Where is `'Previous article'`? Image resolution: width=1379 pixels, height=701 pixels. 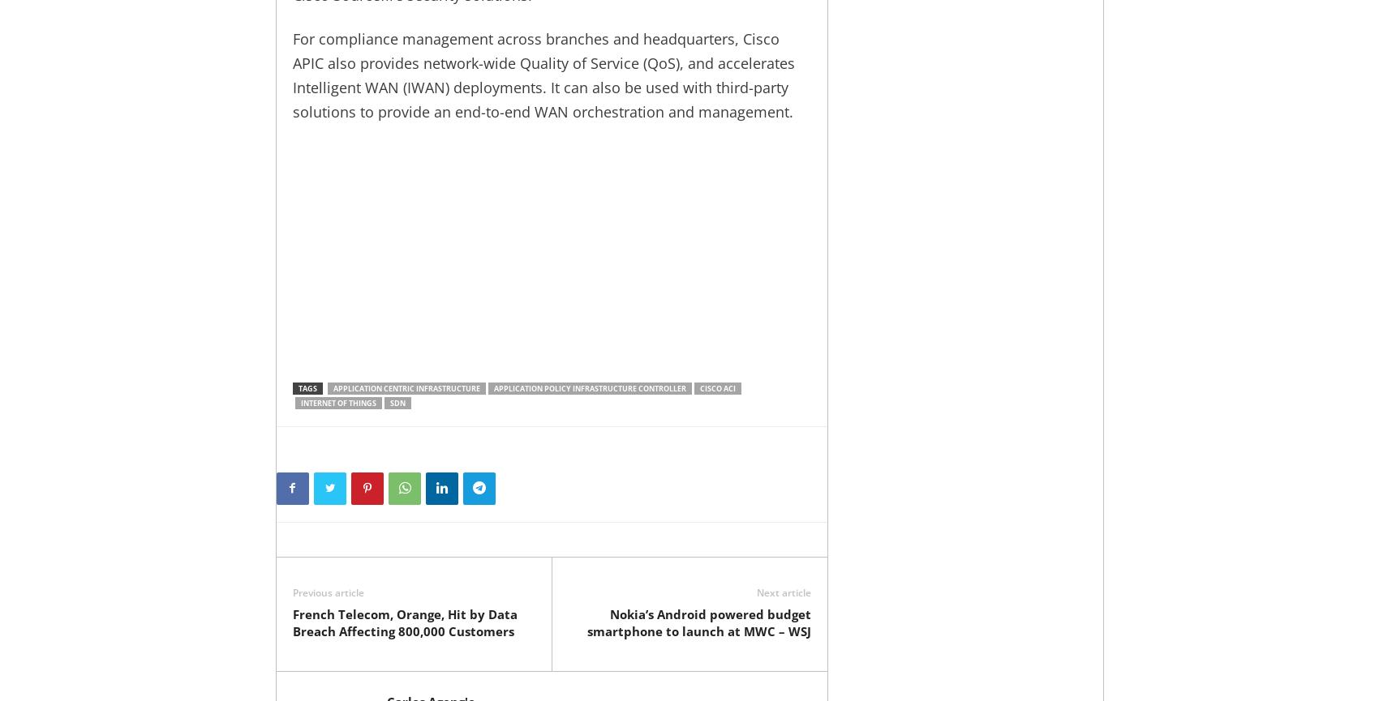
'Previous article' is located at coordinates (326, 592).